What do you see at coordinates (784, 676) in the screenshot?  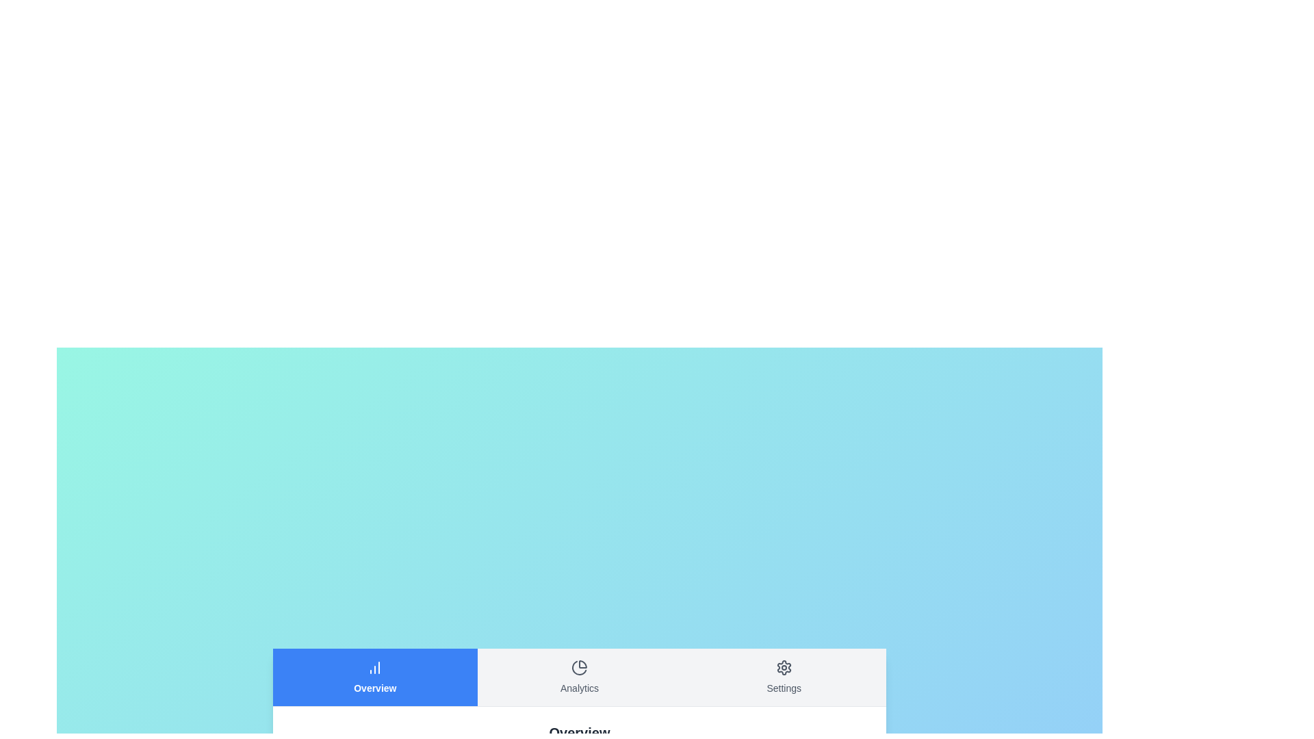 I see `the Settings tab` at bounding box center [784, 676].